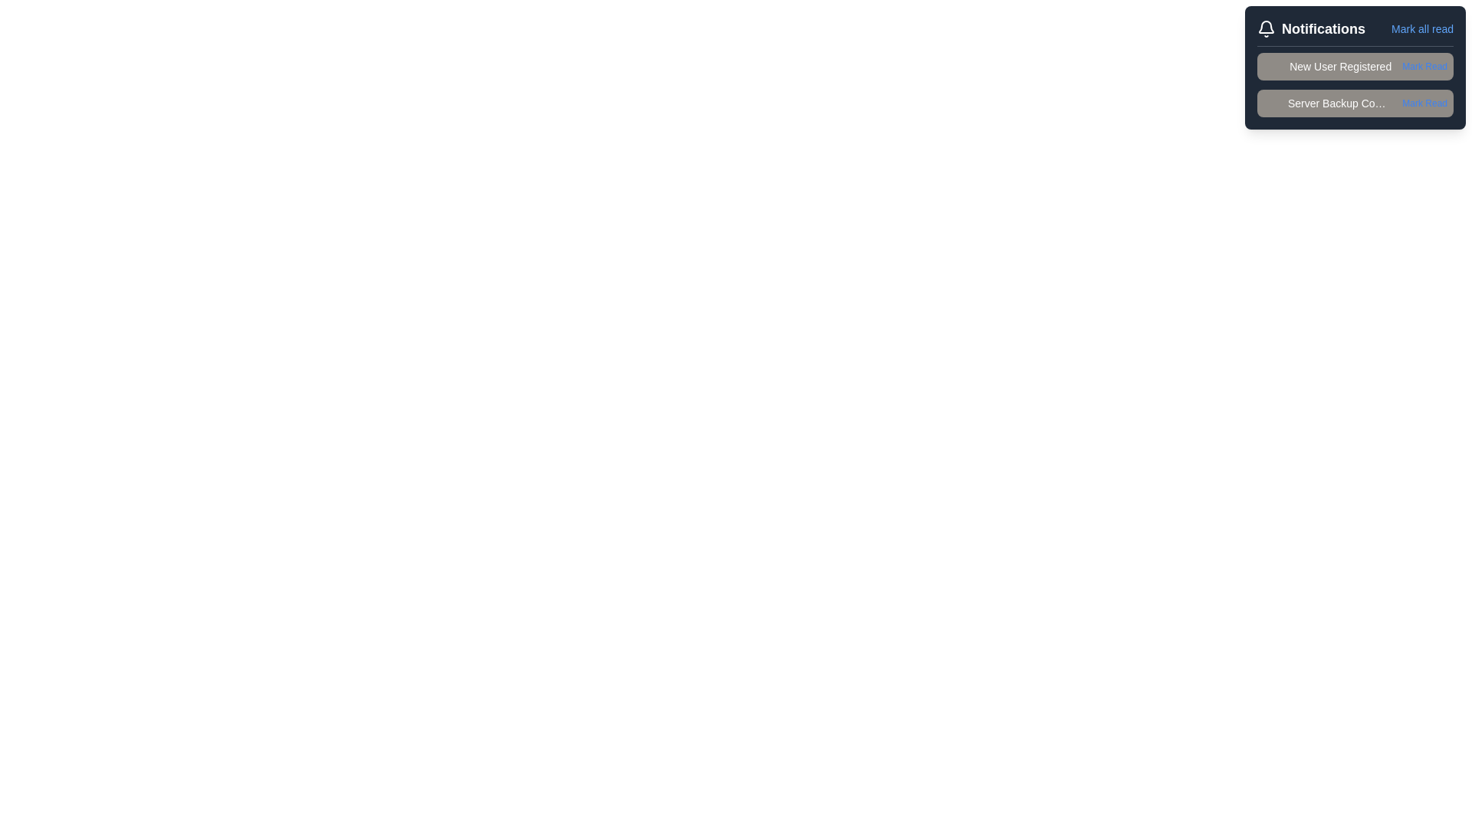 This screenshot has width=1472, height=828. What do you see at coordinates (1424, 66) in the screenshot?
I see `the link located in the 'New User Registered' notification card to mark the notification as read` at bounding box center [1424, 66].